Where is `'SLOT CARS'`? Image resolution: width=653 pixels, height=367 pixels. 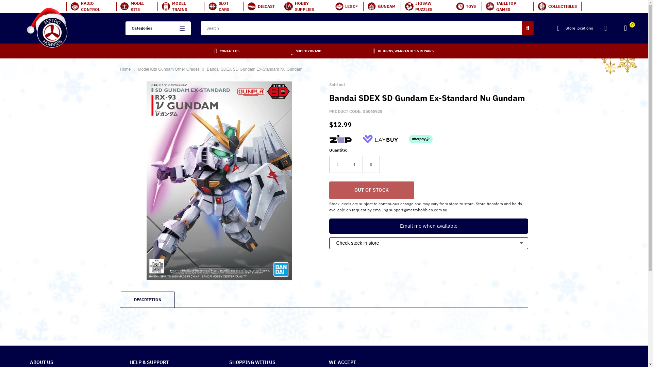 'SLOT CARS' is located at coordinates (223, 6).